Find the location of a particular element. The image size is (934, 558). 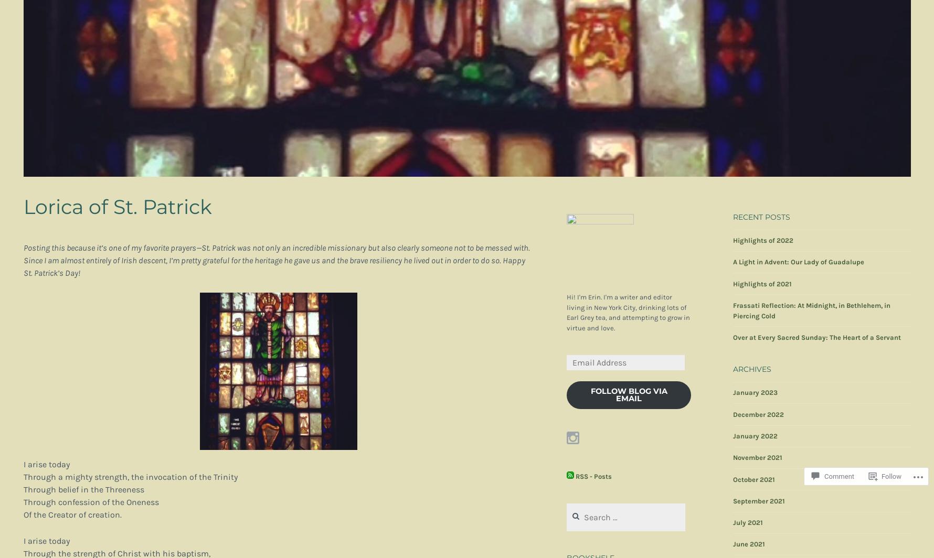

'January 2022' is located at coordinates (755, 436).